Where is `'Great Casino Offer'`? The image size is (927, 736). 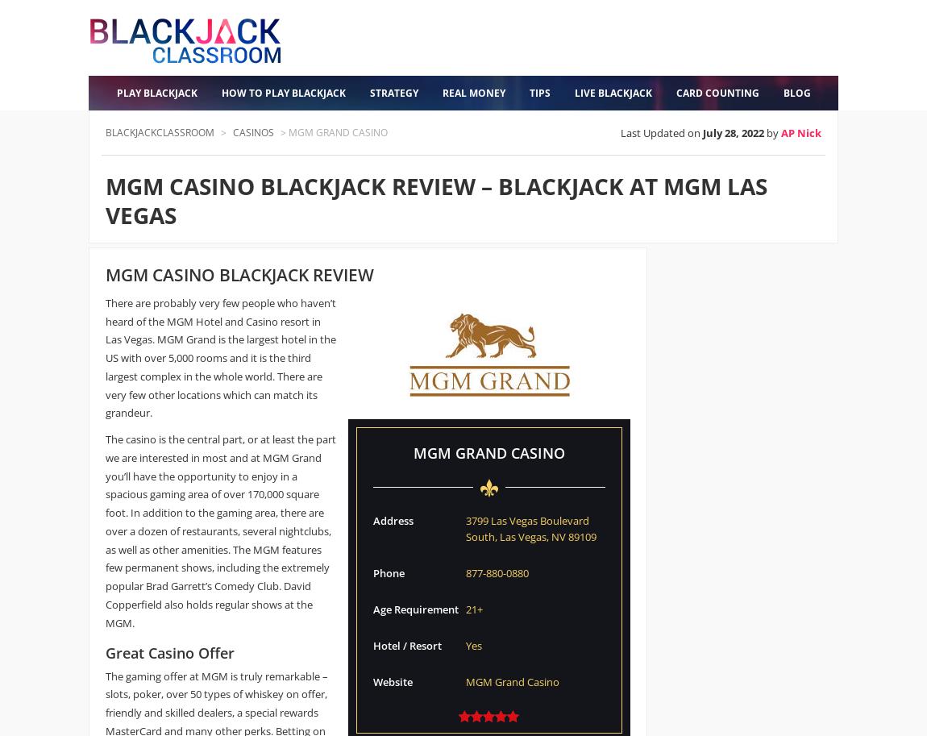
'Great Casino Offer' is located at coordinates (169, 652).